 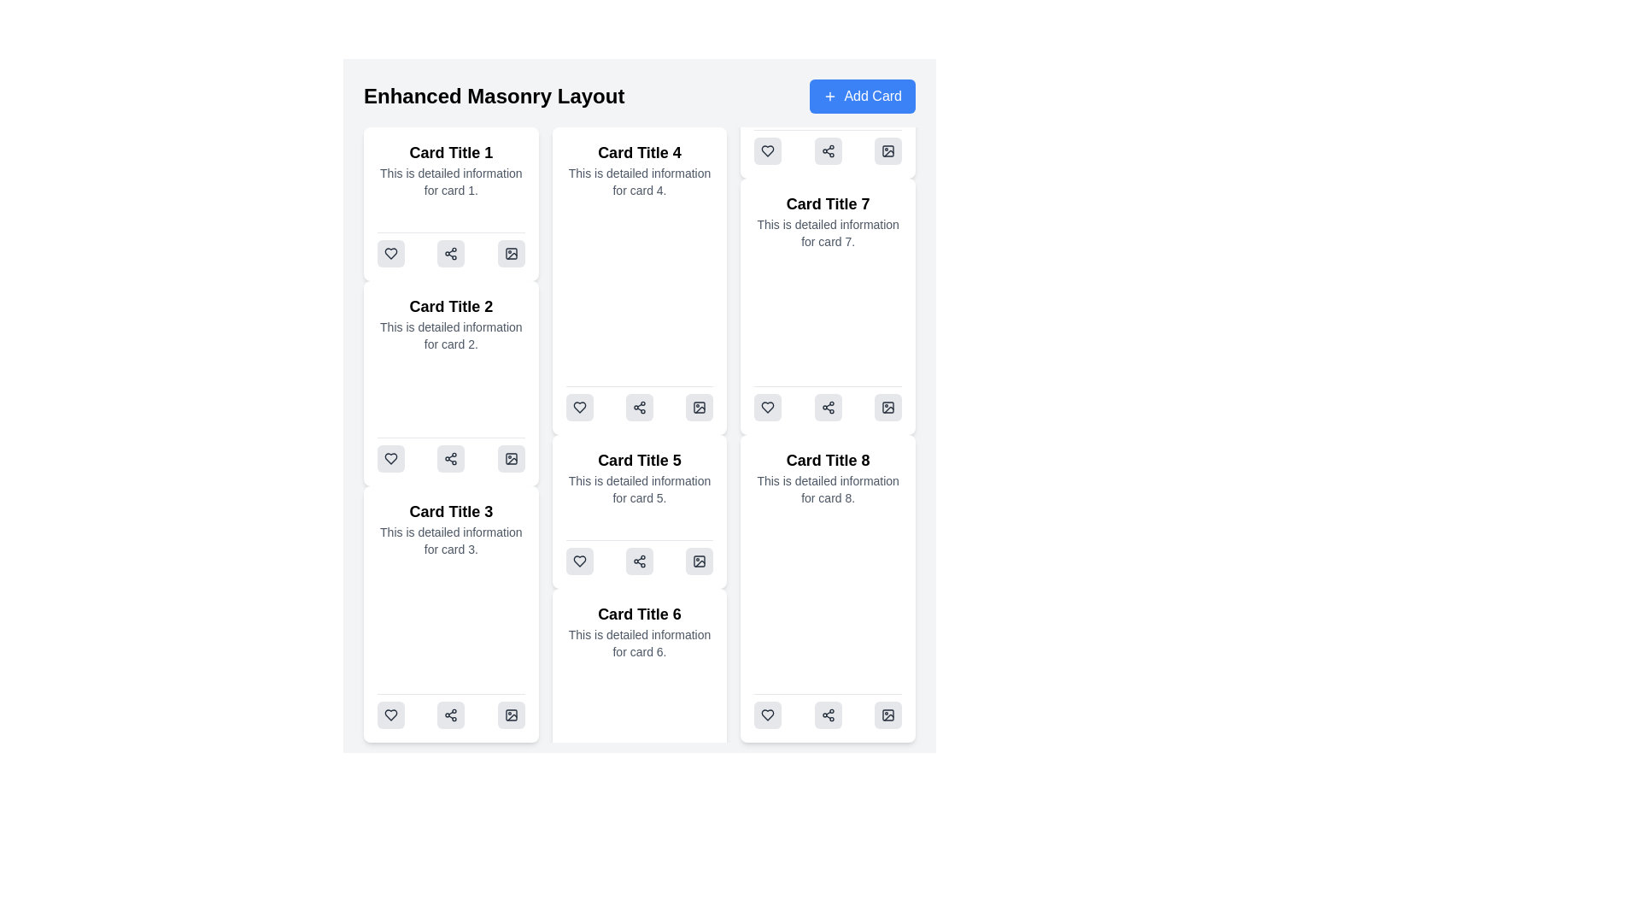 What do you see at coordinates (828, 233) in the screenshot?
I see `the descriptive text block related to card 7, located below 'Card Title 7' in the second column of the third row` at bounding box center [828, 233].